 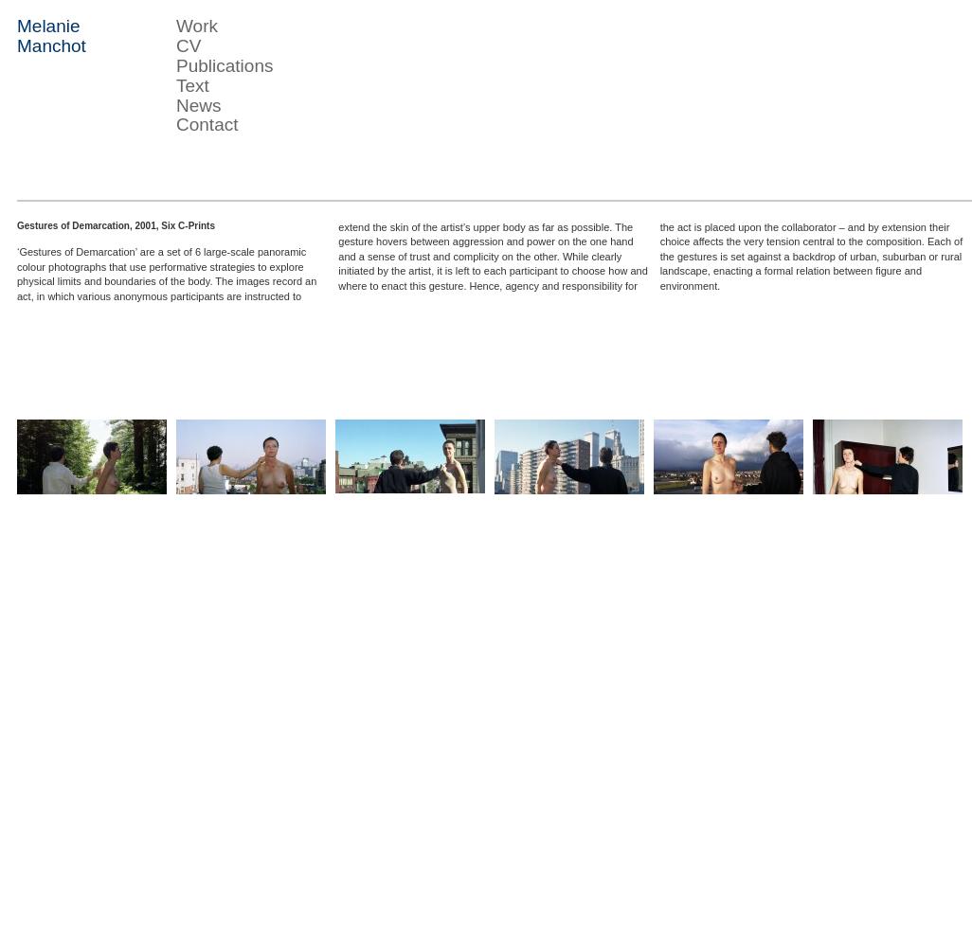 I want to click on '‘Gestures of Demarcation’ are a set of 6 large-scale panoramic colour photographs that use performative strategies to explore physical limits and boundaries of the body. 

The images record an act, in which various anonymous participants are instructed to extend the skin of the artist’s upper body as far as possible. 

The gesture hovers between aggression and power on the one hand and a sense of trust and complicity on the other.  While clearly initiated by the artist, it is left to each participant to choose how and where to enact this gesture. Hence, agency and responsibility for the act is placed upon the collaborator – and by extension their choice affects the very tension central to the composition. Each of the gestures is set against a backdrop of urban, suburban or rural landscape, enacting a formal relation between figure and environment.', so click(x=490, y=261).